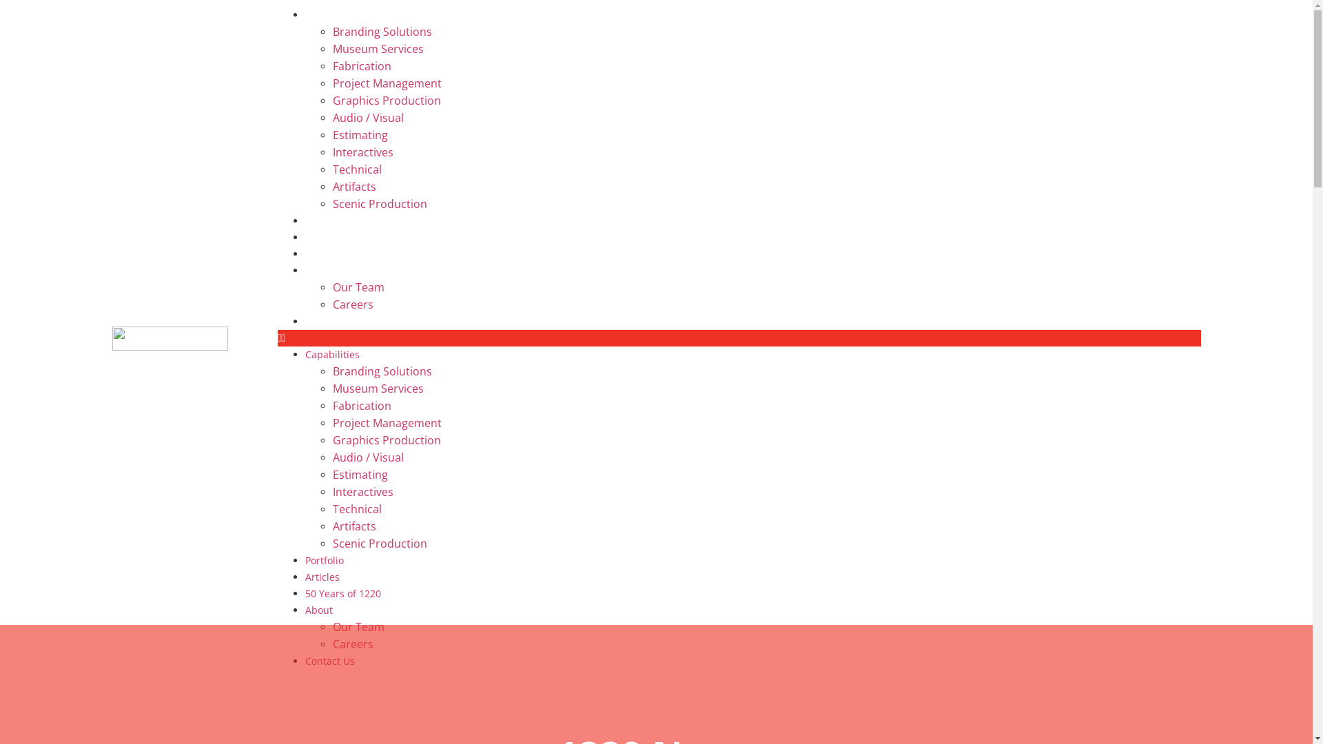 The height and width of the screenshot is (744, 1323). Describe the element at coordinates (353, 186) in the screenshot. I see `'Artifacts'` at that location.